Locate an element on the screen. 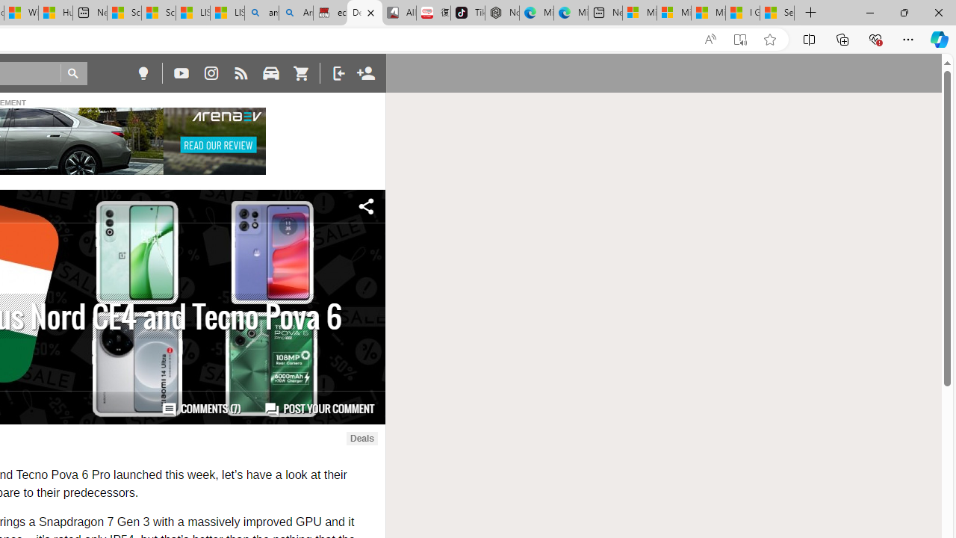 This screenshot has height=538, width=956. 'Nordace - Best Sellers' is located at coordinates (502, 13).